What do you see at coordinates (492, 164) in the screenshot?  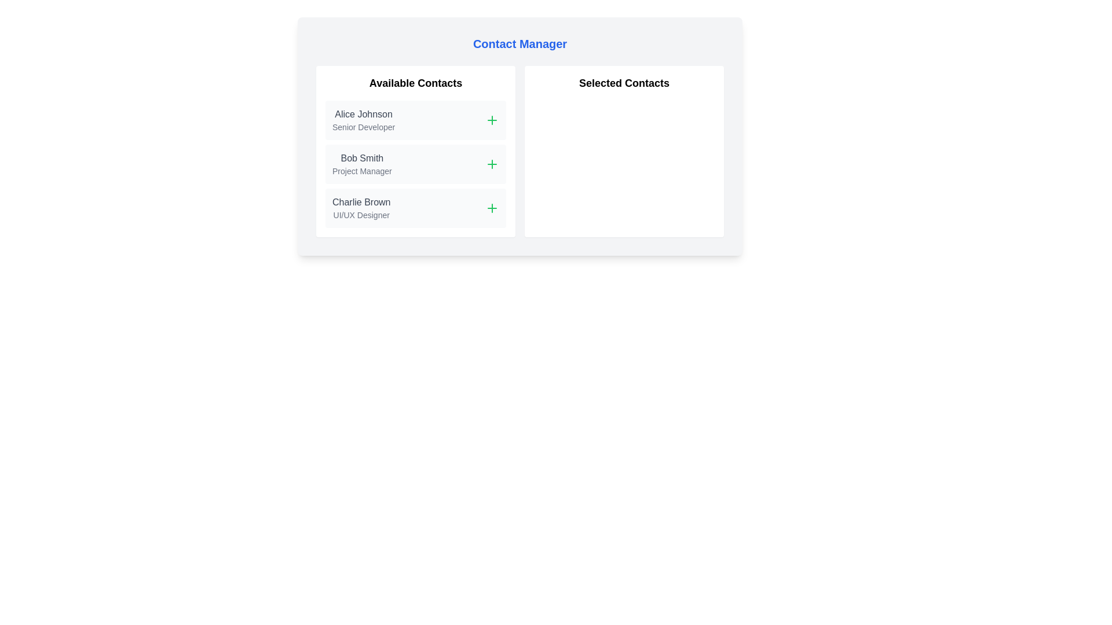 I see `the plus icon button located on the right side of the row containing the contact 'Bob Smith - Project Manager' to invoke the add action` at bounding box center [492, 164].